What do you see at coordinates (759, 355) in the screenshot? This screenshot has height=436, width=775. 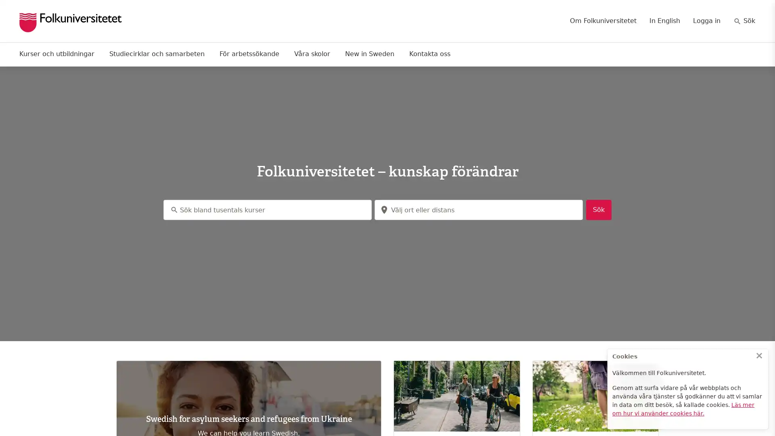 I see `Stang` at bounding box center [759, 355].